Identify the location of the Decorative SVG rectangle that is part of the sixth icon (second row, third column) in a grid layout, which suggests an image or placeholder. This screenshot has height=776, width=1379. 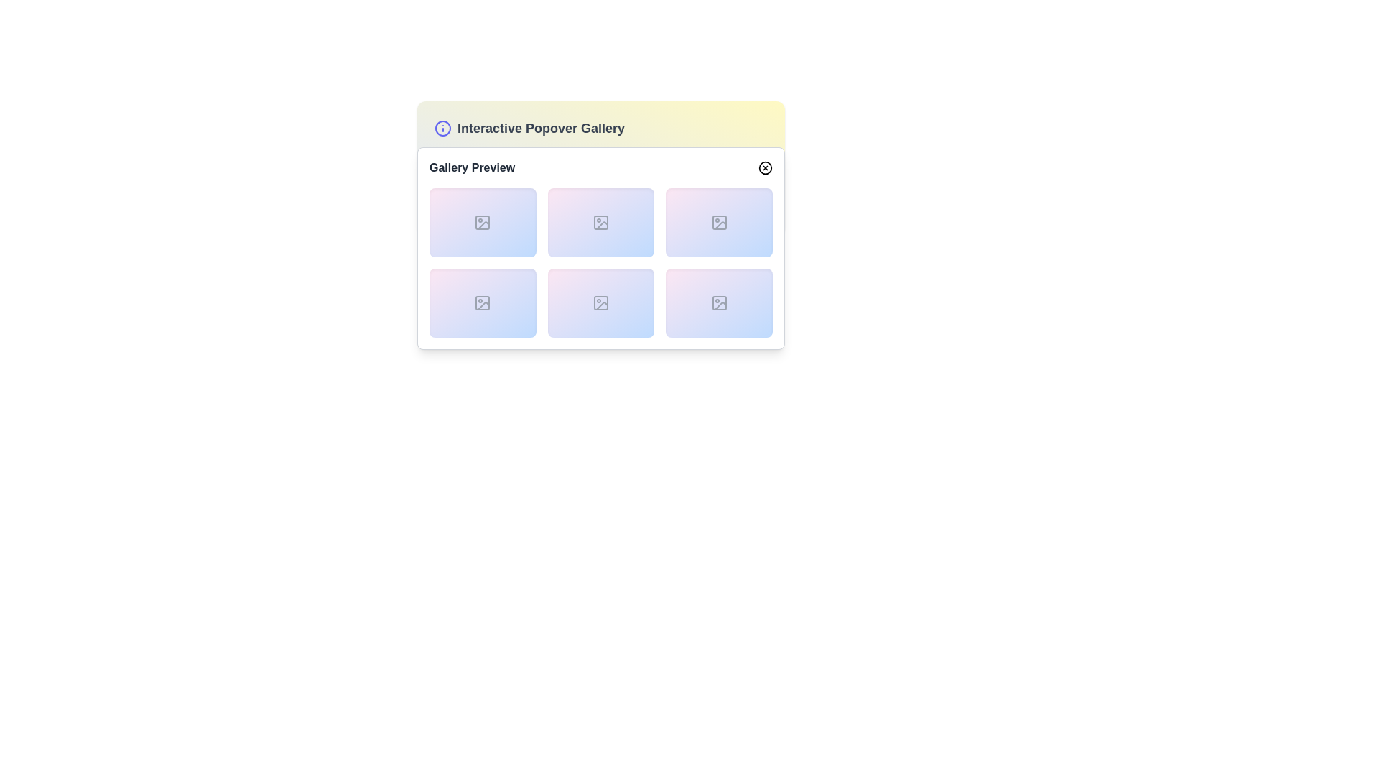
(600, 302).